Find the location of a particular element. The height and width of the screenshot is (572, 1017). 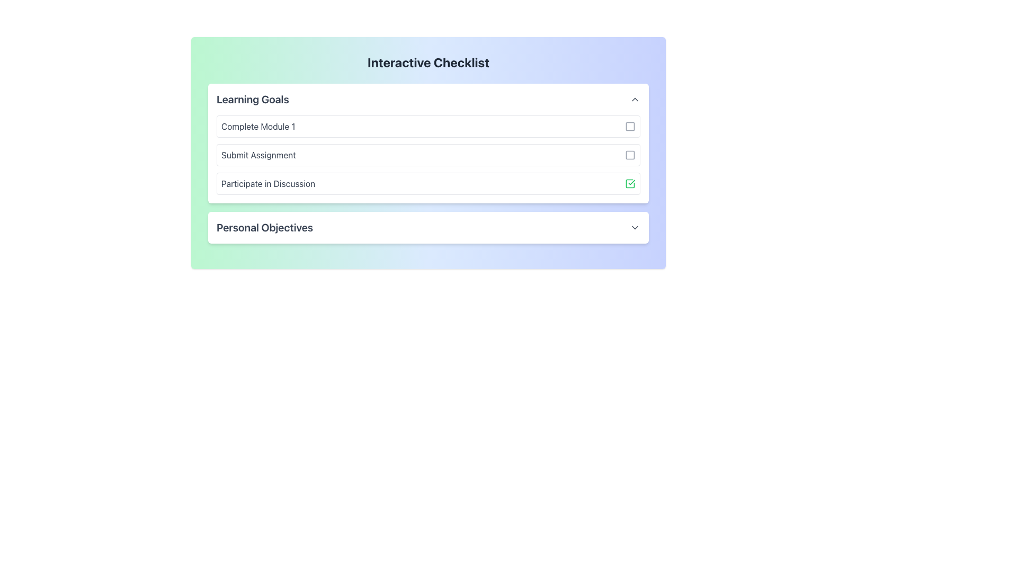

the text label displaying 'Complete Module 1' in dark gray within the 'Learning Goals' section, which is the first item in a vertical list is located at coordinates (258, 126).